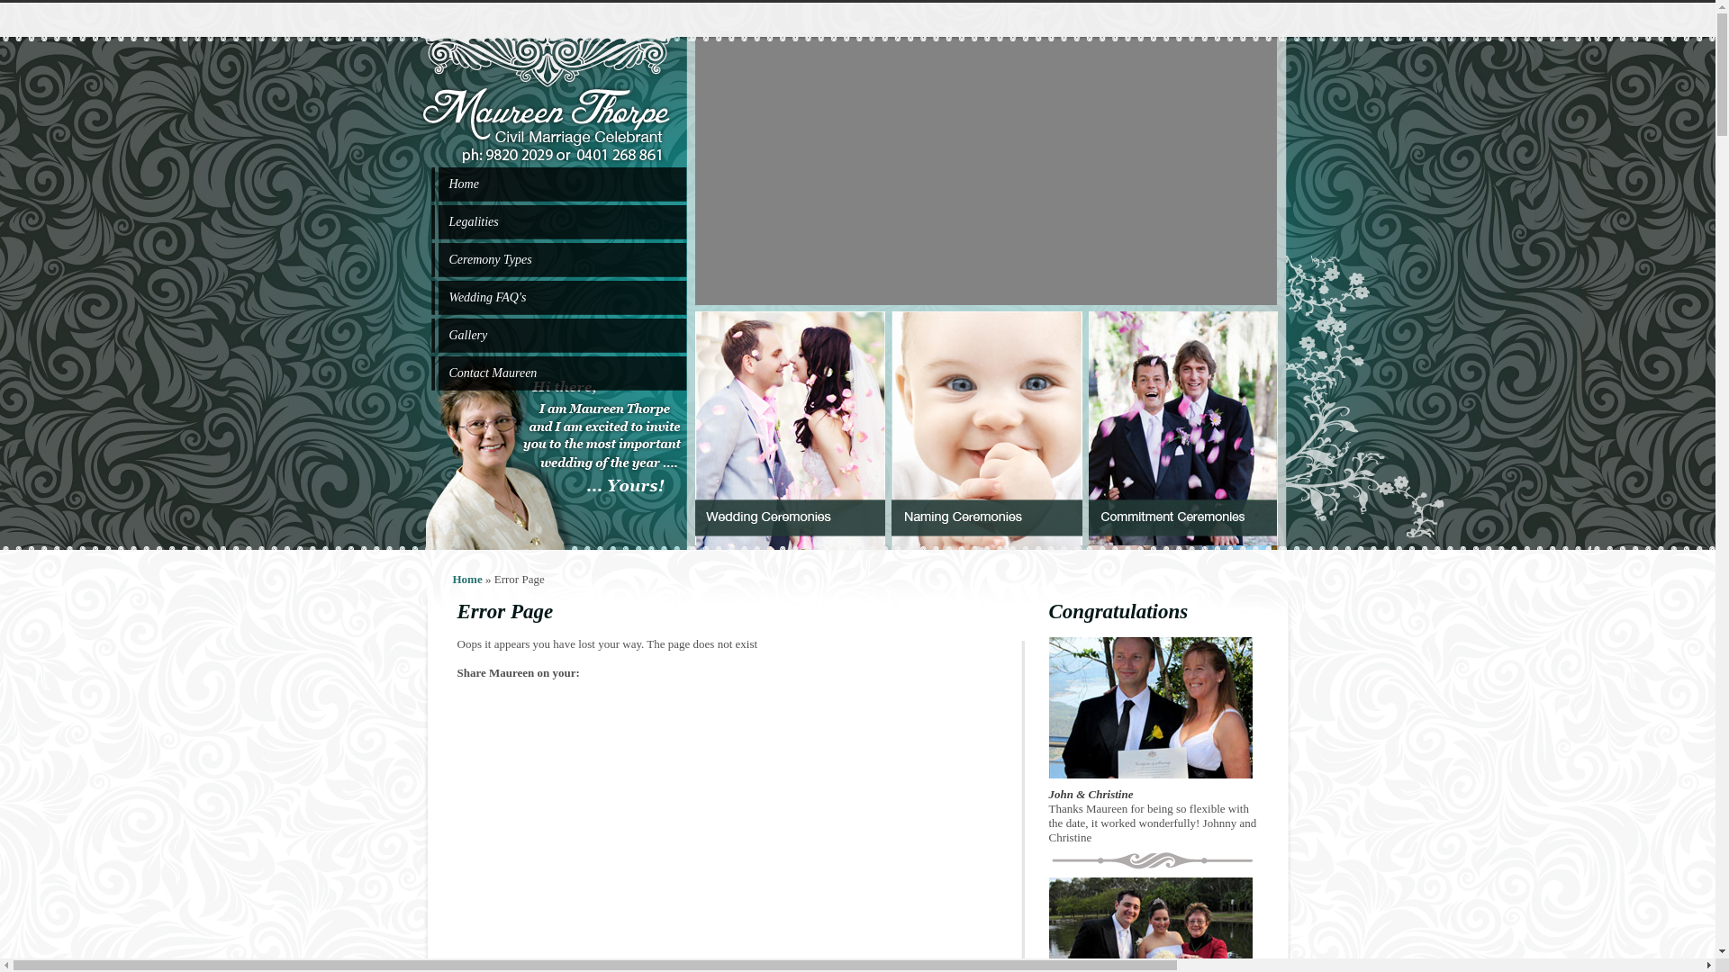 This screenshot has width=1729, height=972. What do you see at coordinates (463, 184) in the screenshot?
I see `'Home'` at bounding box center [463, 184].